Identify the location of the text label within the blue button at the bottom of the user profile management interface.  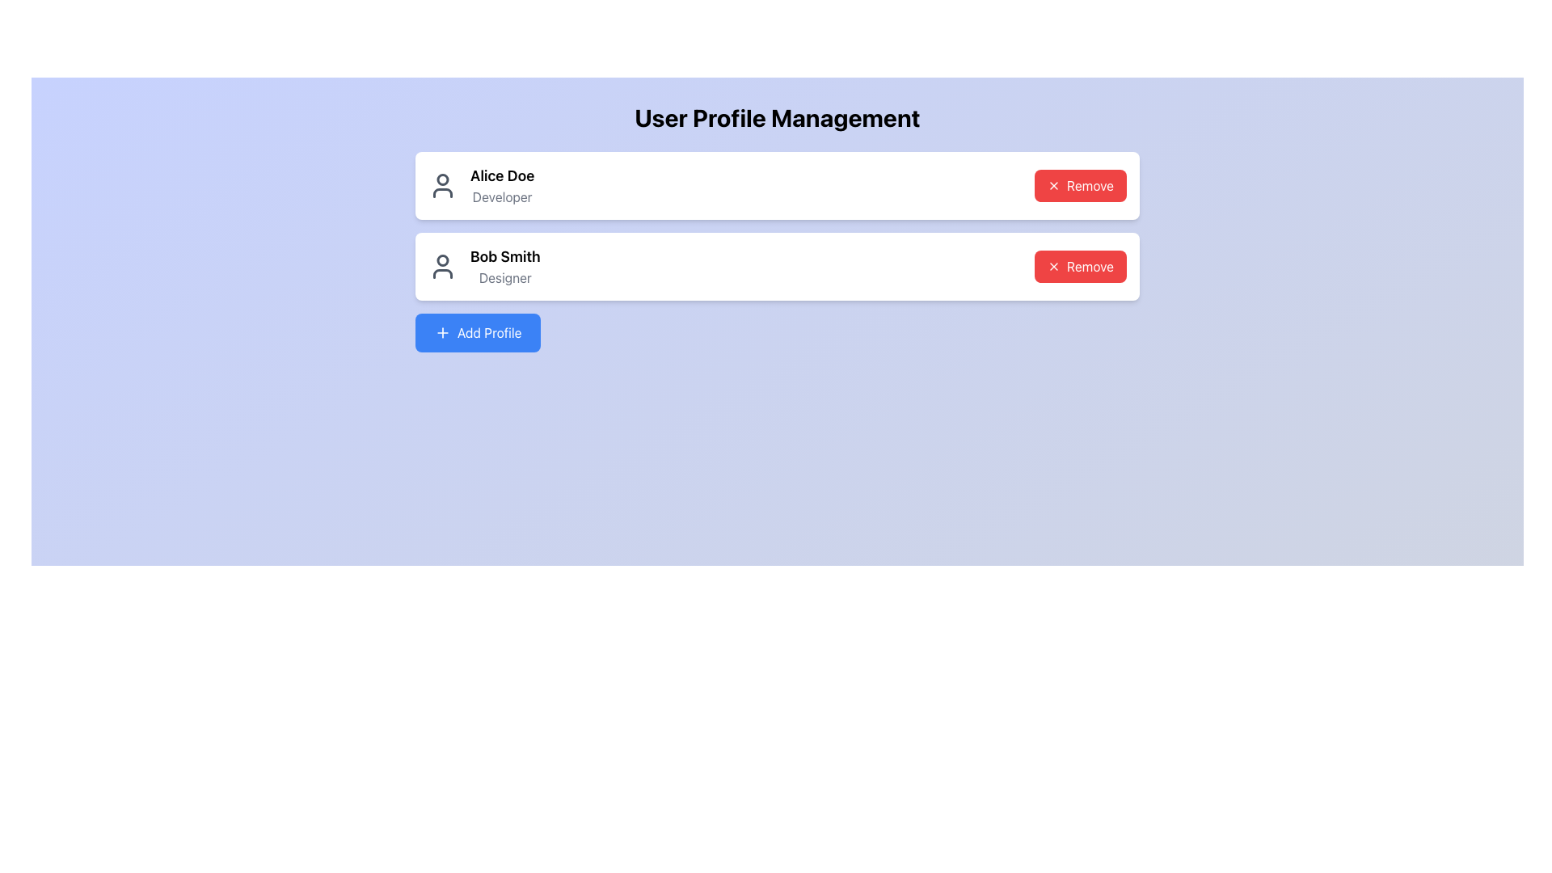
(488, 332).